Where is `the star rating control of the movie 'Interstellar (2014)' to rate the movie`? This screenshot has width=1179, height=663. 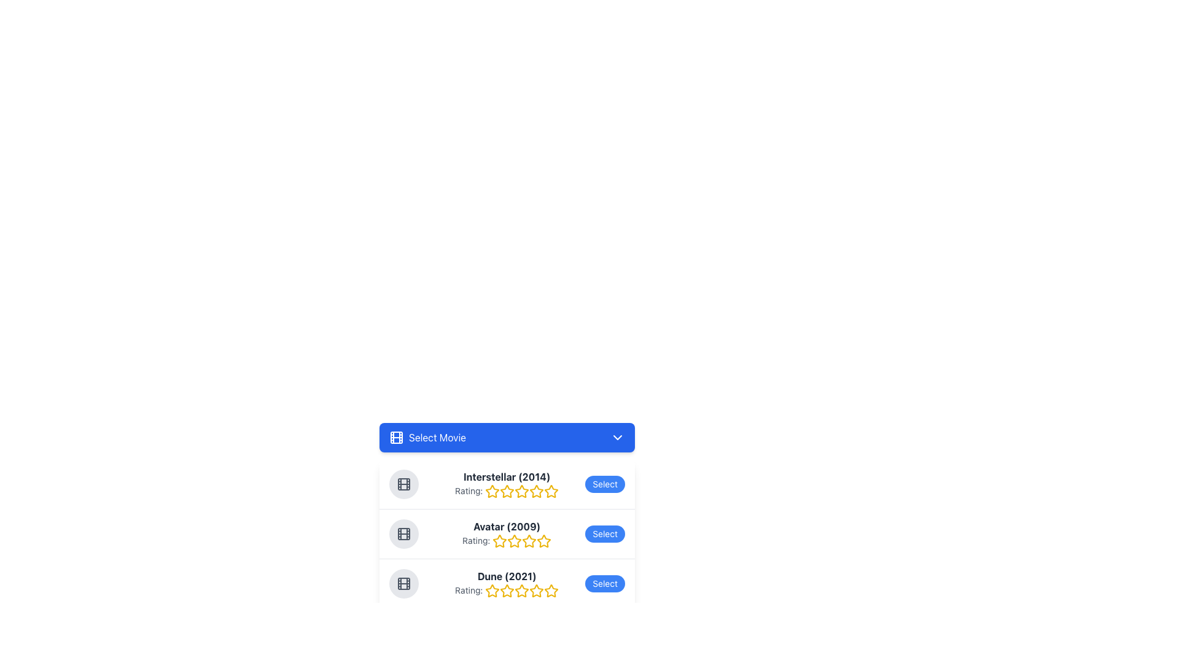 the star rating control of the movie 'Interstellar (2014)' to rate the movie is located at coordinates (507, 500).